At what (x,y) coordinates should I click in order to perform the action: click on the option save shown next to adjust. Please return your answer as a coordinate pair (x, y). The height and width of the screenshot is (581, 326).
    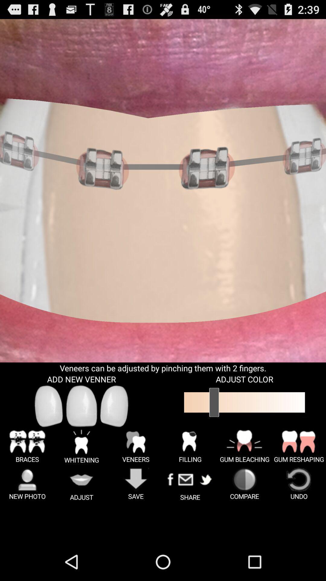
    Looking at the image, I should click on (136, 484).